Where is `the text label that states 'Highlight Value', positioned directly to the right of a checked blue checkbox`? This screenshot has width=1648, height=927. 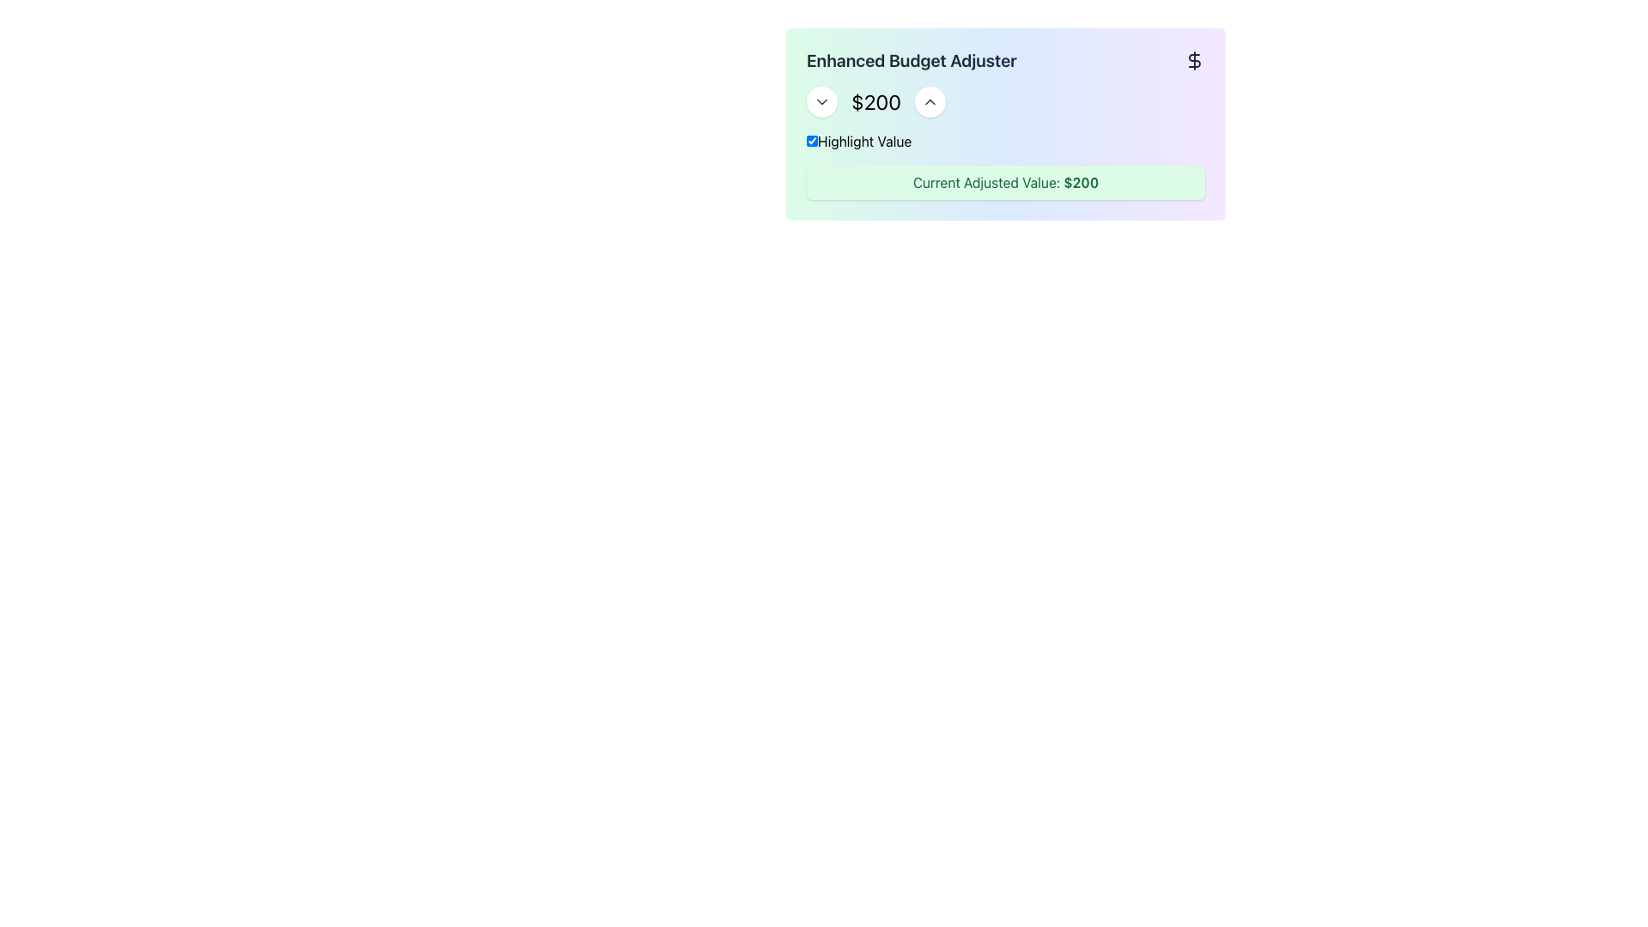 the text label that states 'Highlight Value', positioned directly to the right of a checked blue checkbox is located at coordinates (859, 141).